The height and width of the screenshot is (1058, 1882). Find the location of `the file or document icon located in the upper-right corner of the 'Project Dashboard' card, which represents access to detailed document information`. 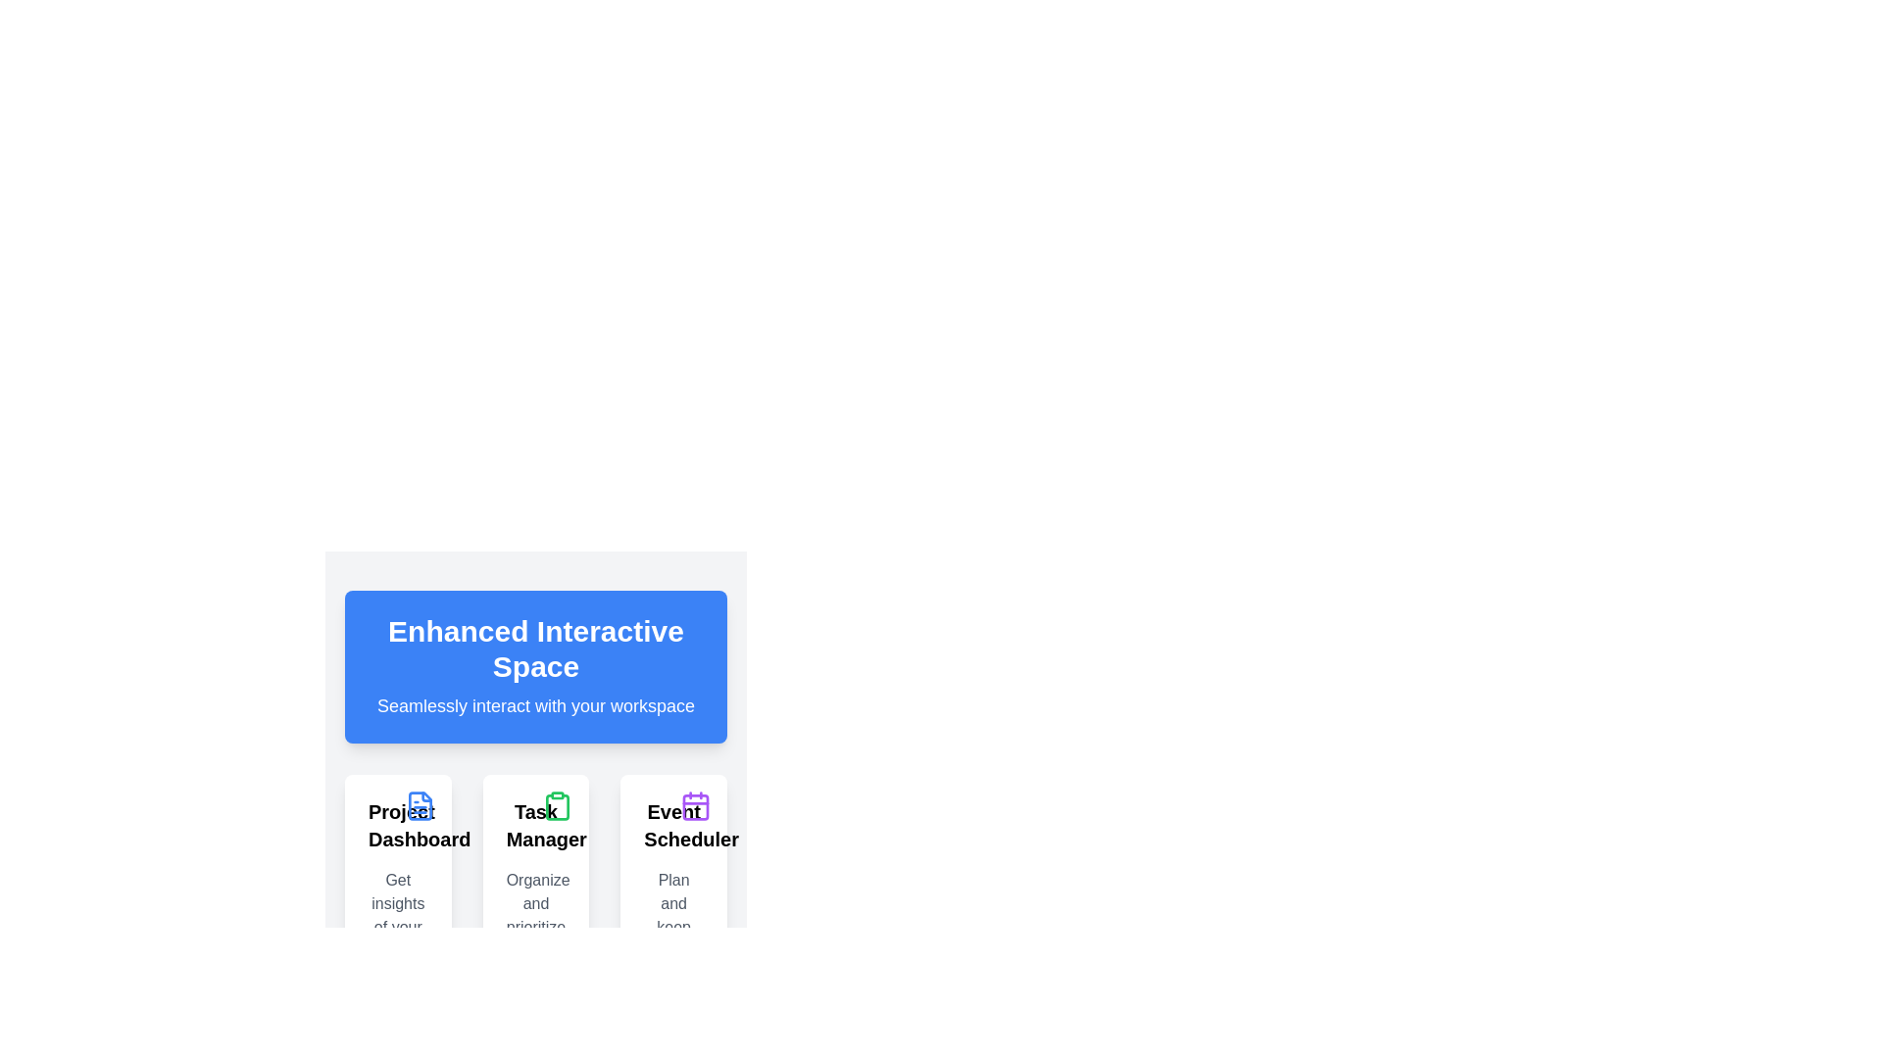

the file or document icon located in the upper-right corner of the 'Project Dashboard' card, which represents access to detailed document information is located at coordinates (419, 805).